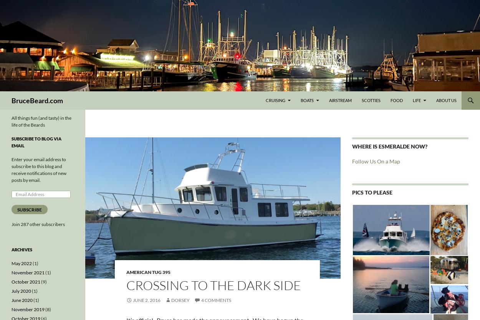 This screenshot has height=320, width=480. Describe the element at coordinates (12, 272) in the screenshot. I see `'November 2021'` at that location.